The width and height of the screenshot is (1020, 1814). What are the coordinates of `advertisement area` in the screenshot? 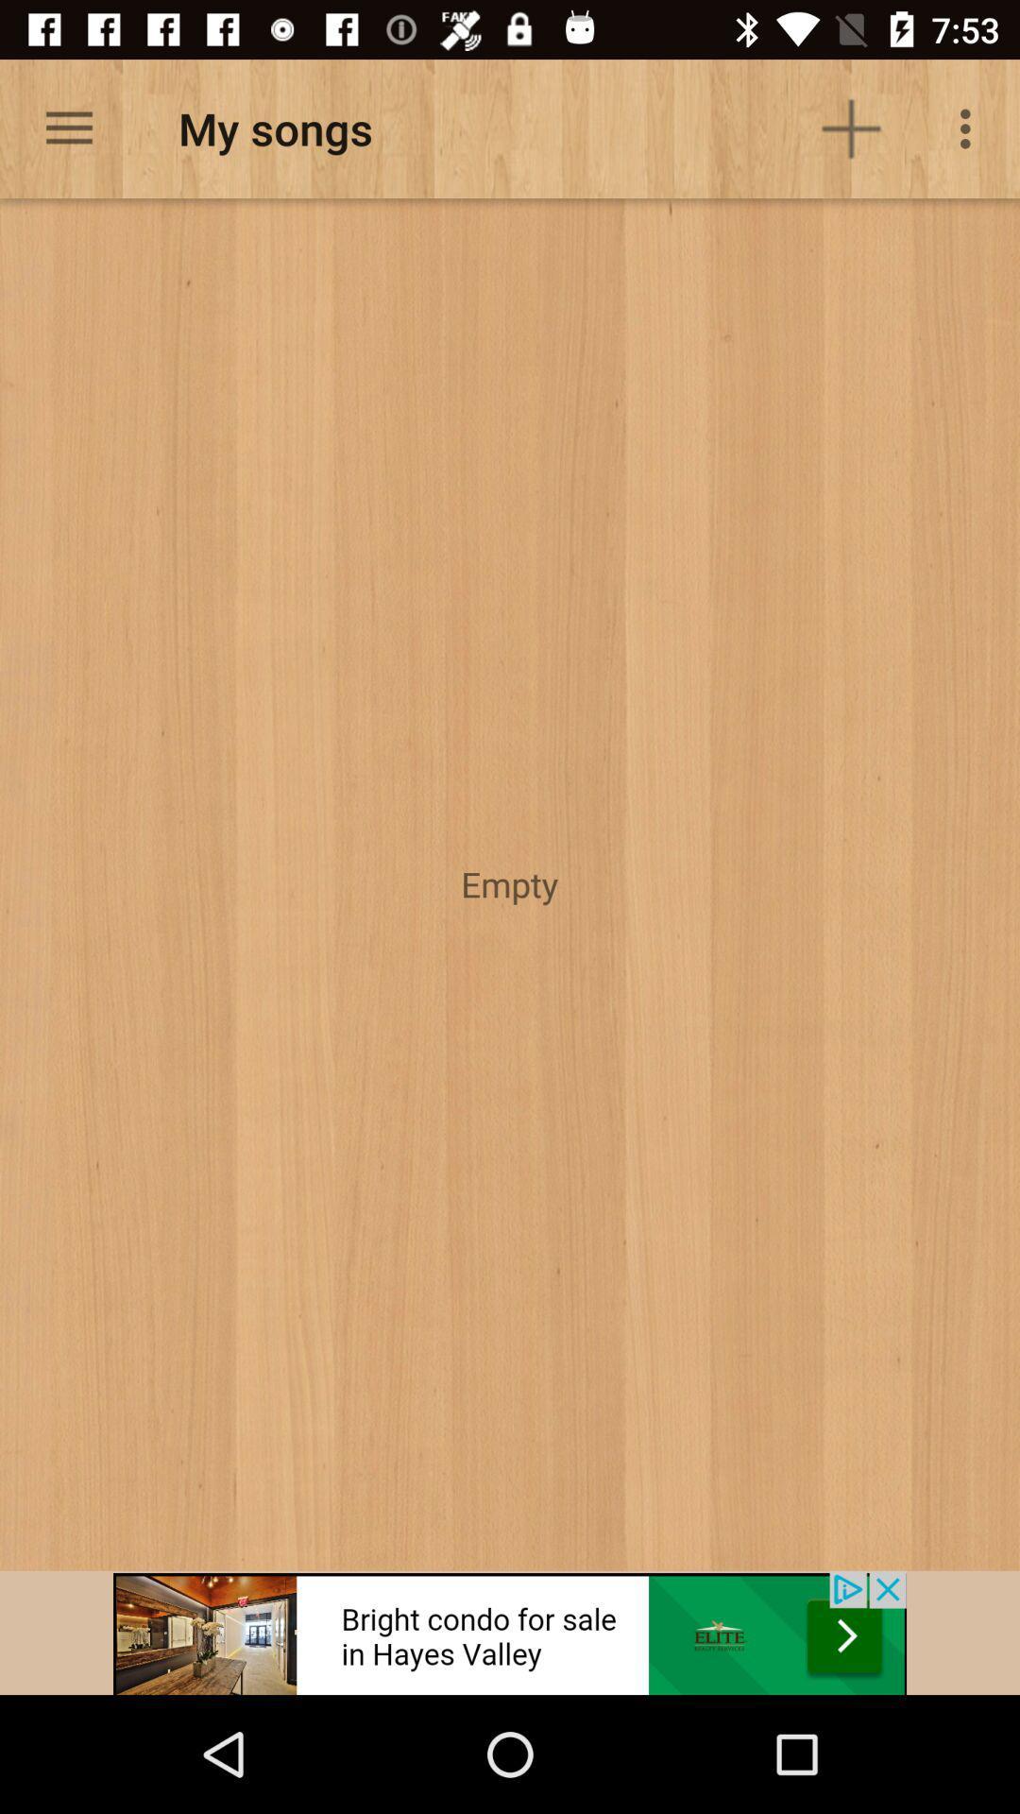 It's located at (510, 1632).